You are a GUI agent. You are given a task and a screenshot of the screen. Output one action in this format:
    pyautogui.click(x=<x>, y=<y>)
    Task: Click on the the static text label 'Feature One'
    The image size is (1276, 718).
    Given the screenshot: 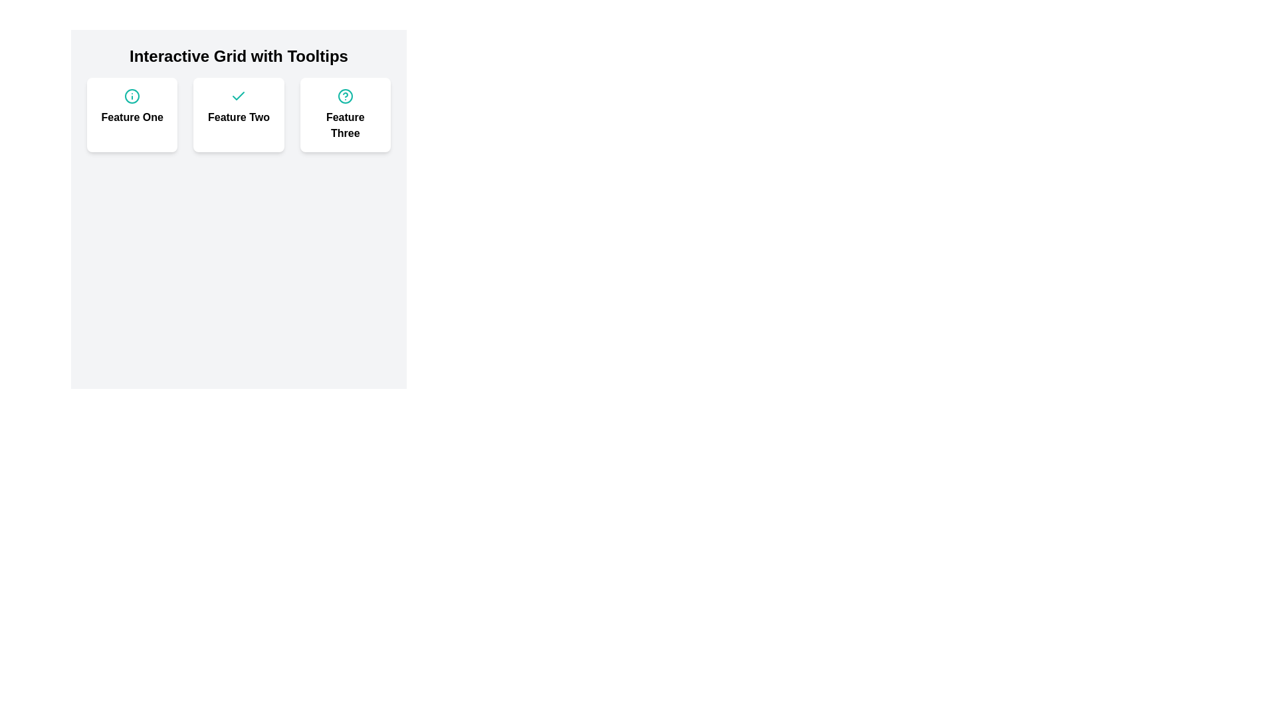 What is the action you would take?
    pyautogui.click(x=132, y=117)
    